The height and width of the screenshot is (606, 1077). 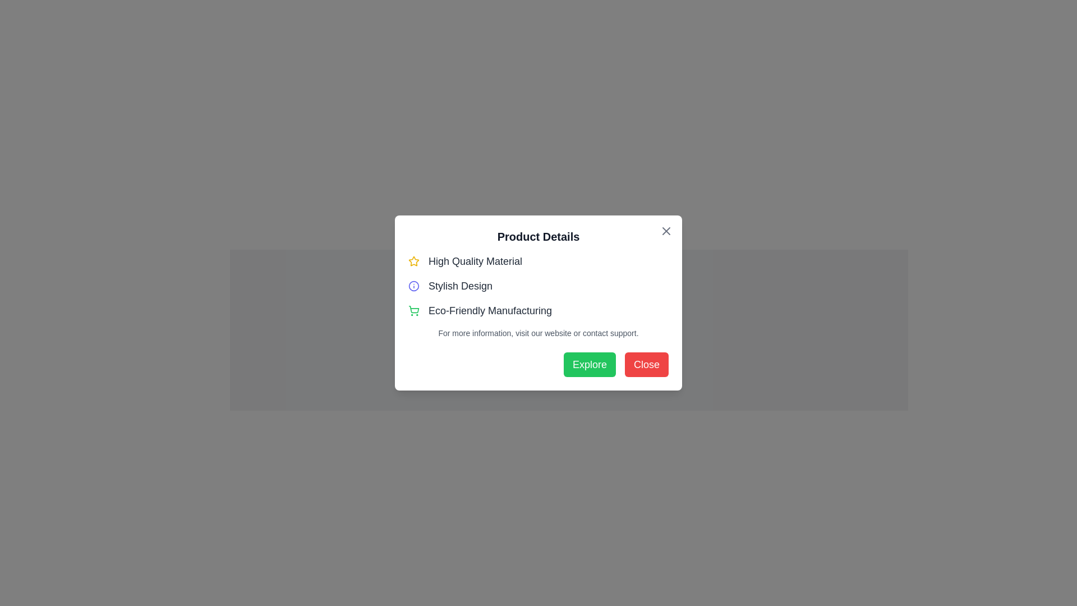 What do you see at coordinates (413, 311) in the screenshot?
I see `the green shopping cart icon with rounded edges located to the left of 'Eco-Friendly Manufacturing' in the third position of the 'Product Details' modal` at bounding box center [413, 311].